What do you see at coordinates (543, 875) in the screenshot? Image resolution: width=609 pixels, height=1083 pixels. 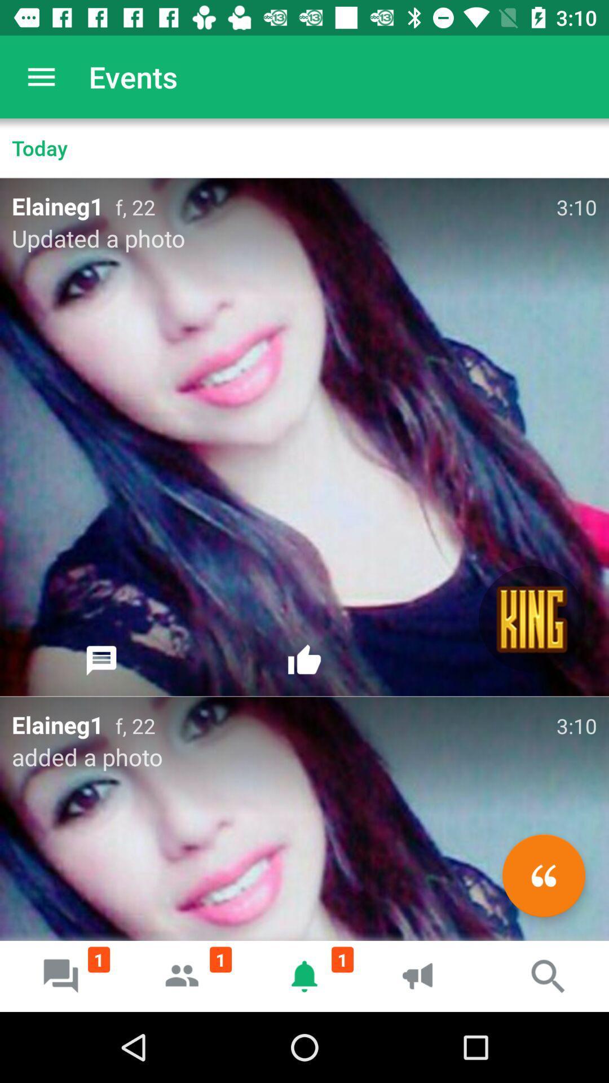 I see `quote` at bounding box center [543, 875].